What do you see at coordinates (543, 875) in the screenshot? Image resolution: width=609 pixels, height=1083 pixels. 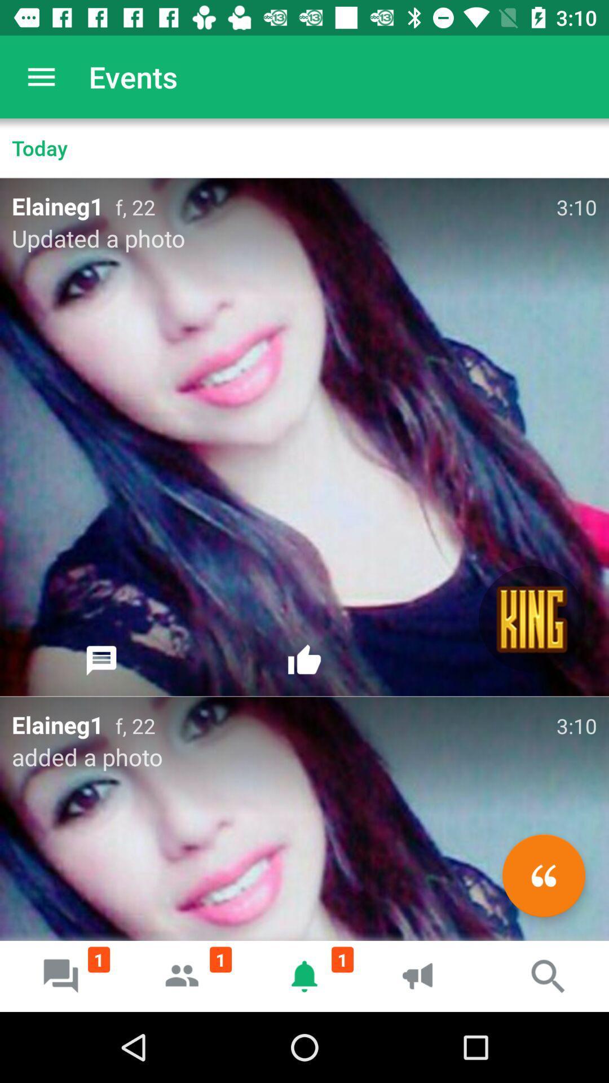 I see `quote` at bounding box center [543, 875].